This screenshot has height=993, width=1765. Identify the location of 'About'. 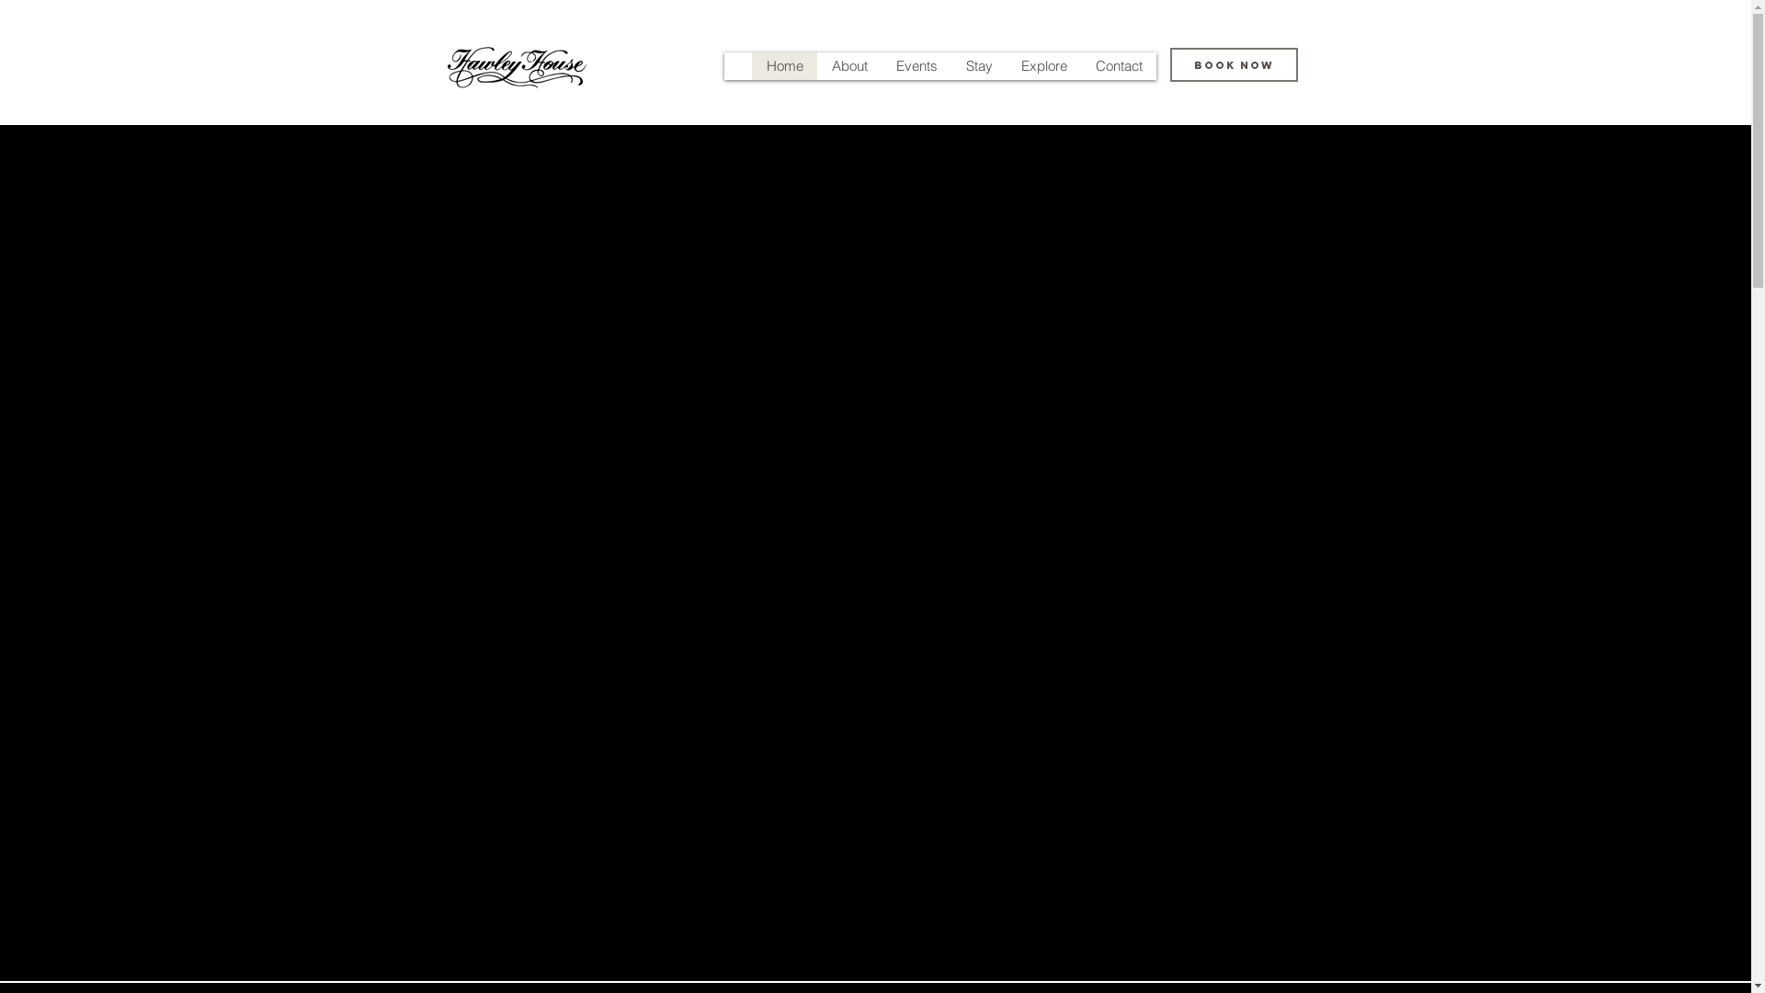
(847, 65).